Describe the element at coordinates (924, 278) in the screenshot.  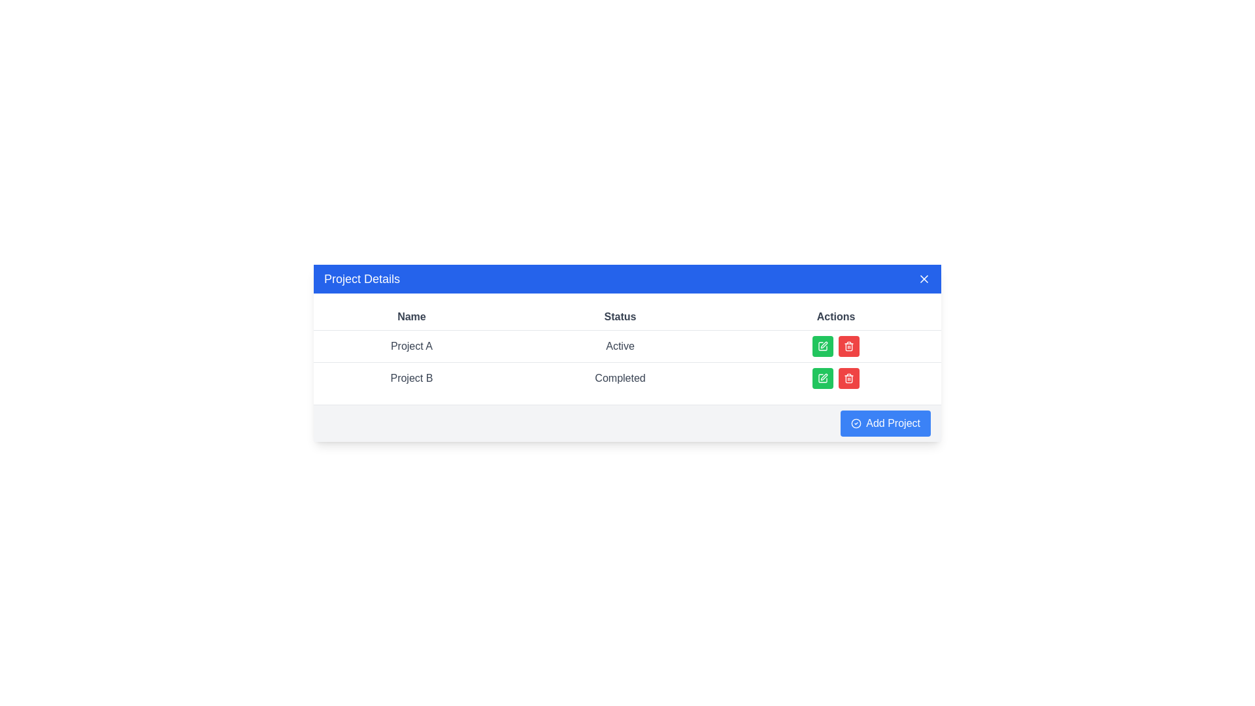
I see `the close button styled as an SVG icon located at the top-right corner of the 'Project Details' header to potentially display a tooltip` at that location.